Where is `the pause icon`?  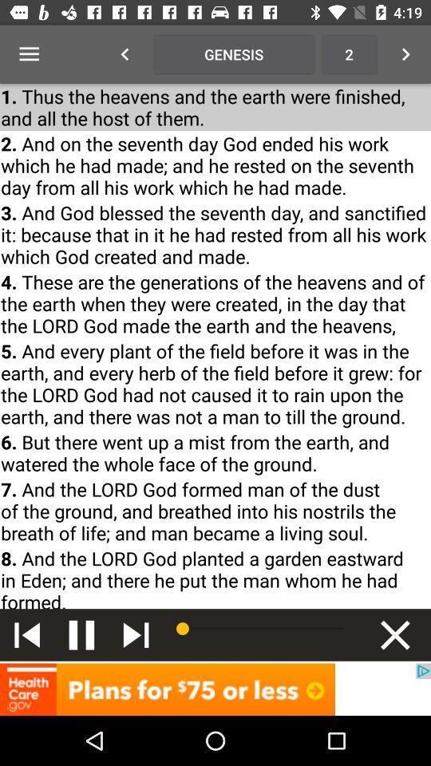 the pause icon is located at coordinates (81, 634).